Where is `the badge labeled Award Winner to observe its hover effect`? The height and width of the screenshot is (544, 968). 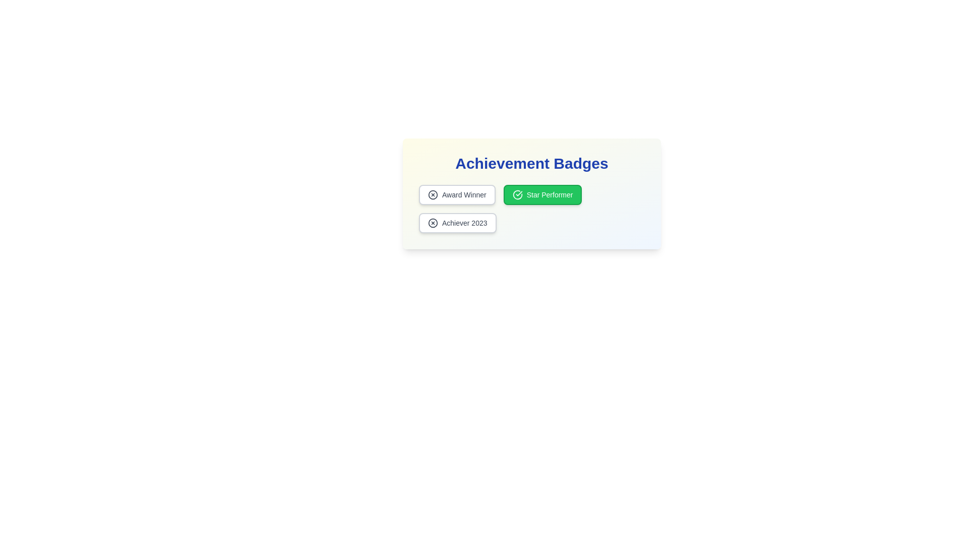 the badge labeled Award Winner to observe its hover effect is located at coordinates (456, 194).